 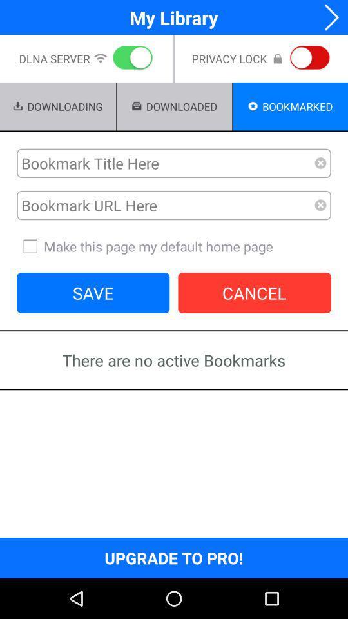 I want to click on erase/delete selection, so click(x=320, y=205).